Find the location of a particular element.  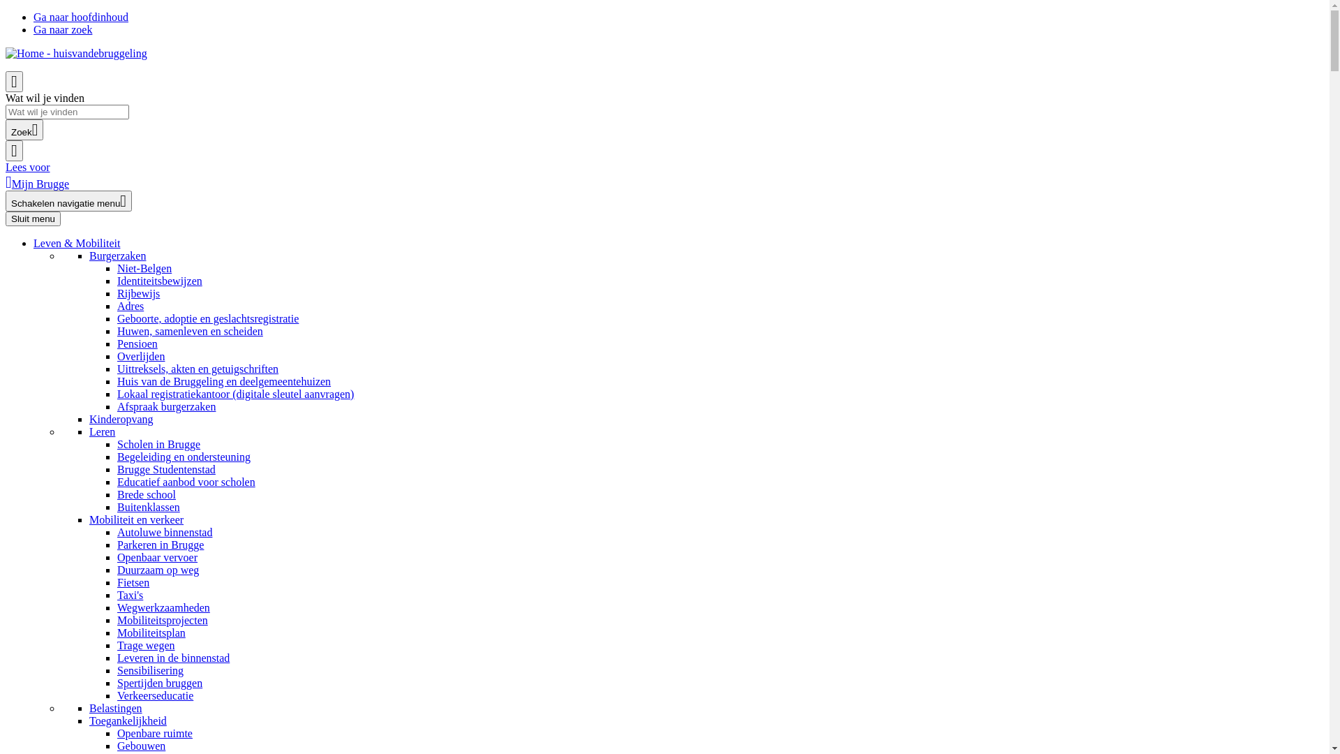

'Overlijden' is located at coordinates (140, 355).